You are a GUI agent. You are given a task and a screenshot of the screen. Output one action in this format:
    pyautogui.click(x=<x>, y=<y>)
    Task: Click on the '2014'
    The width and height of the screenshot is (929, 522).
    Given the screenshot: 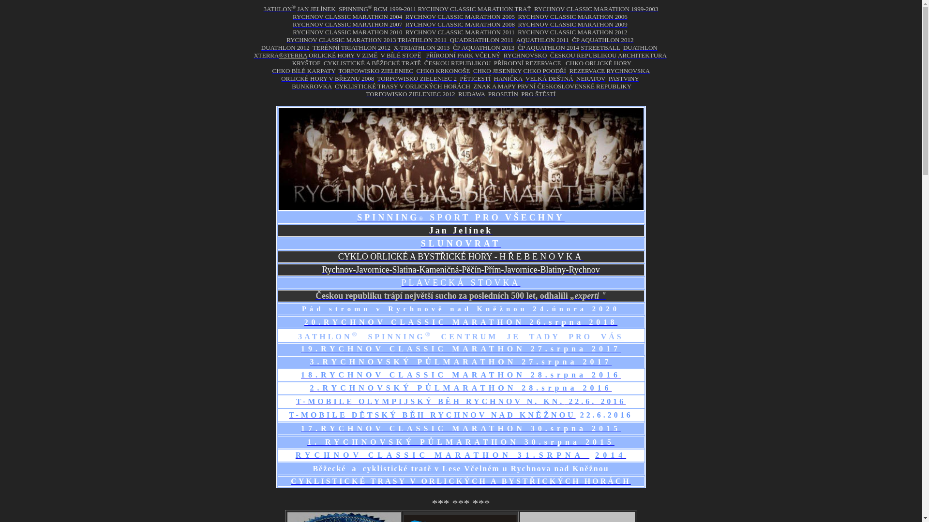 What is the action you would take?
    pyautogui.click(x=610, y=455)
    